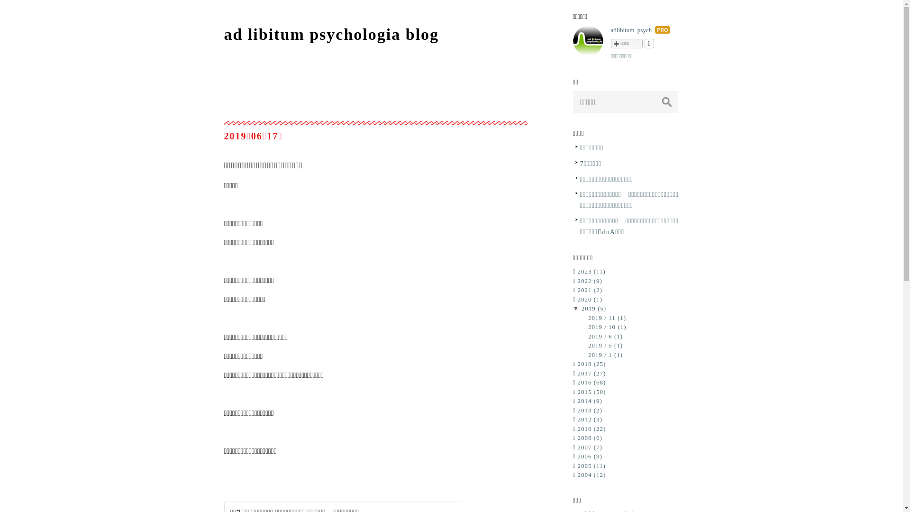  I want to click on '2013 (2)', so click(589, 410).